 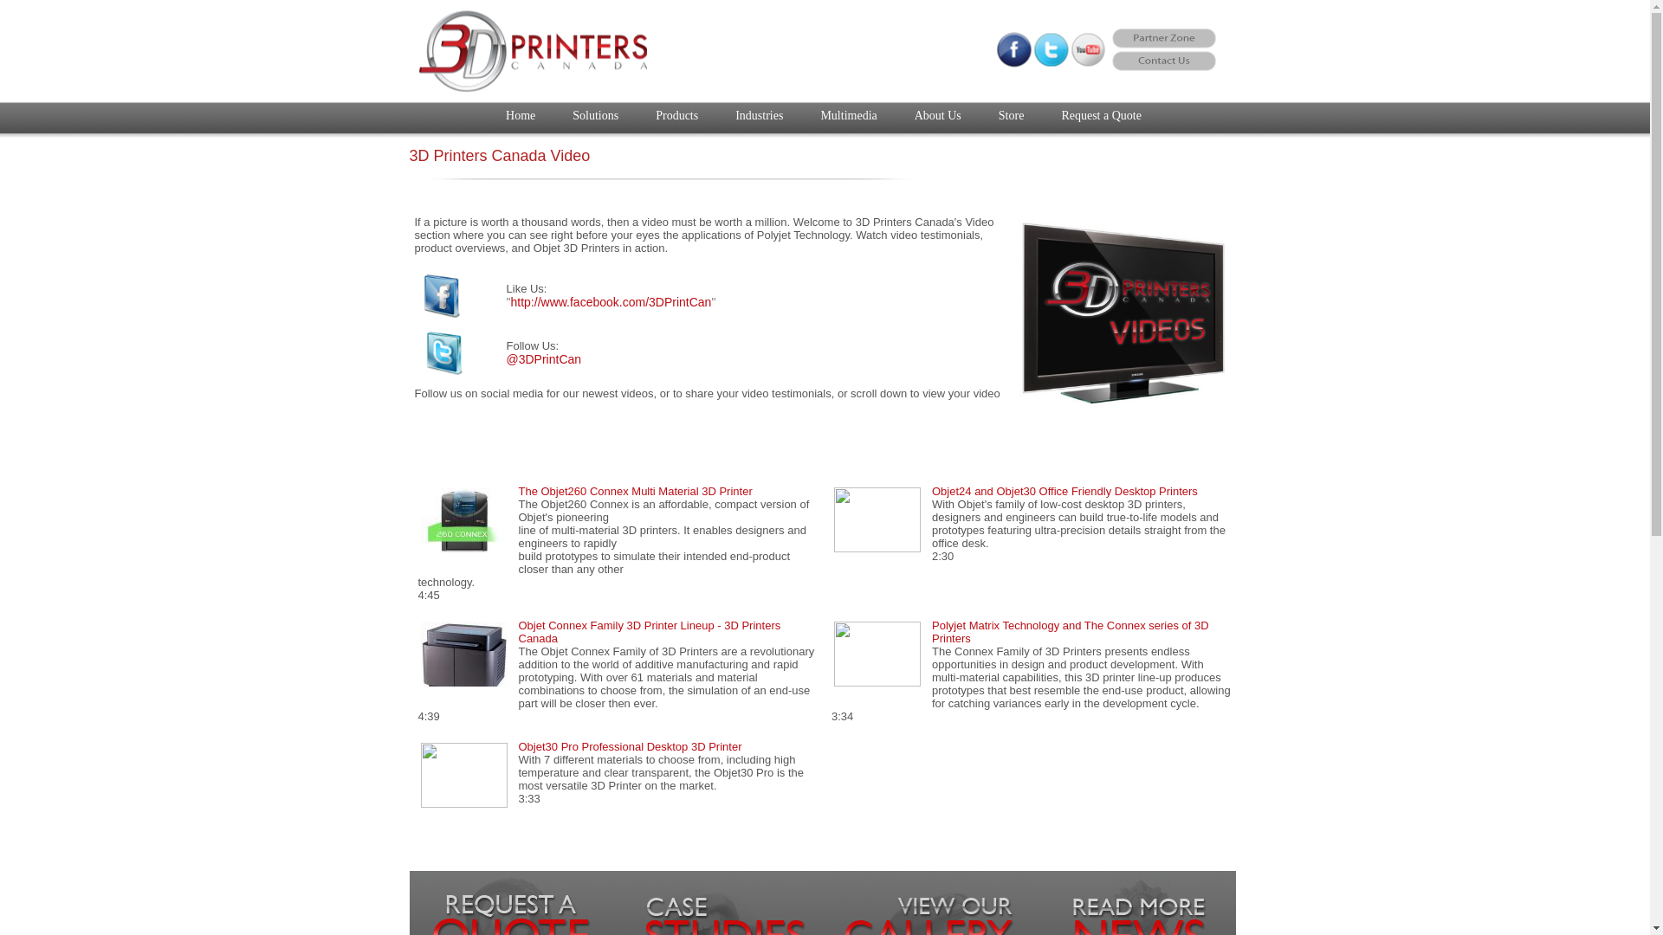 I want to click on 'Store', so click(x=1011, y=116).